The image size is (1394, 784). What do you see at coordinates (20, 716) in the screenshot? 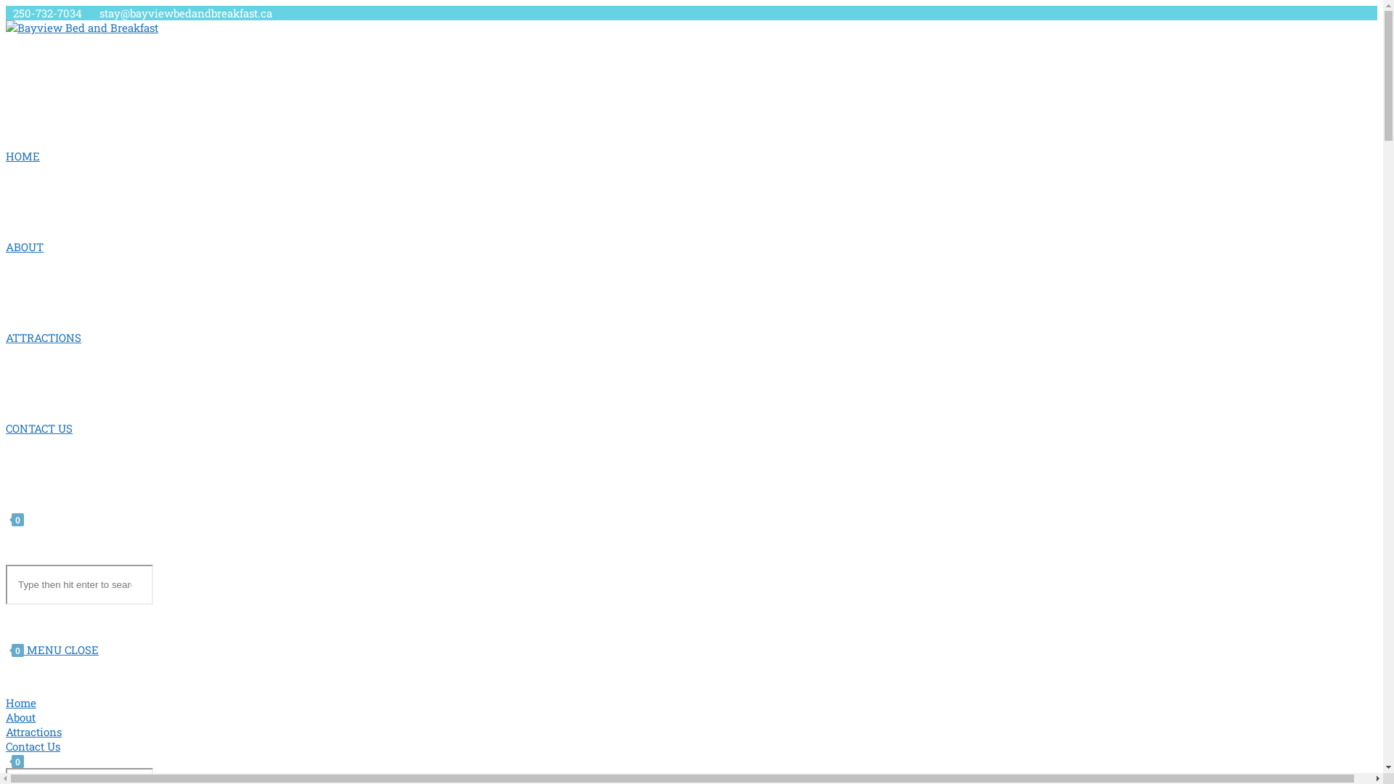
I see `'About'` at bounding box center [20, 716].